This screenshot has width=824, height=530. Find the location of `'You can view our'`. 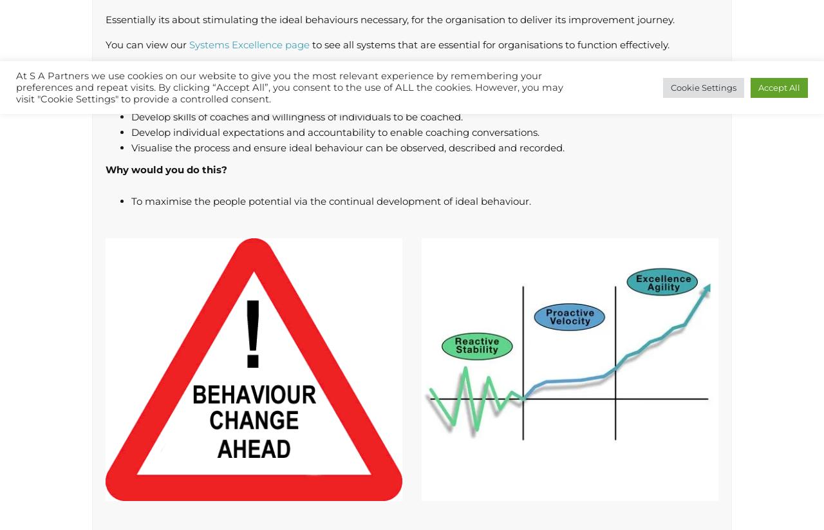

'You can view our' is located at coordinates (147, 44).